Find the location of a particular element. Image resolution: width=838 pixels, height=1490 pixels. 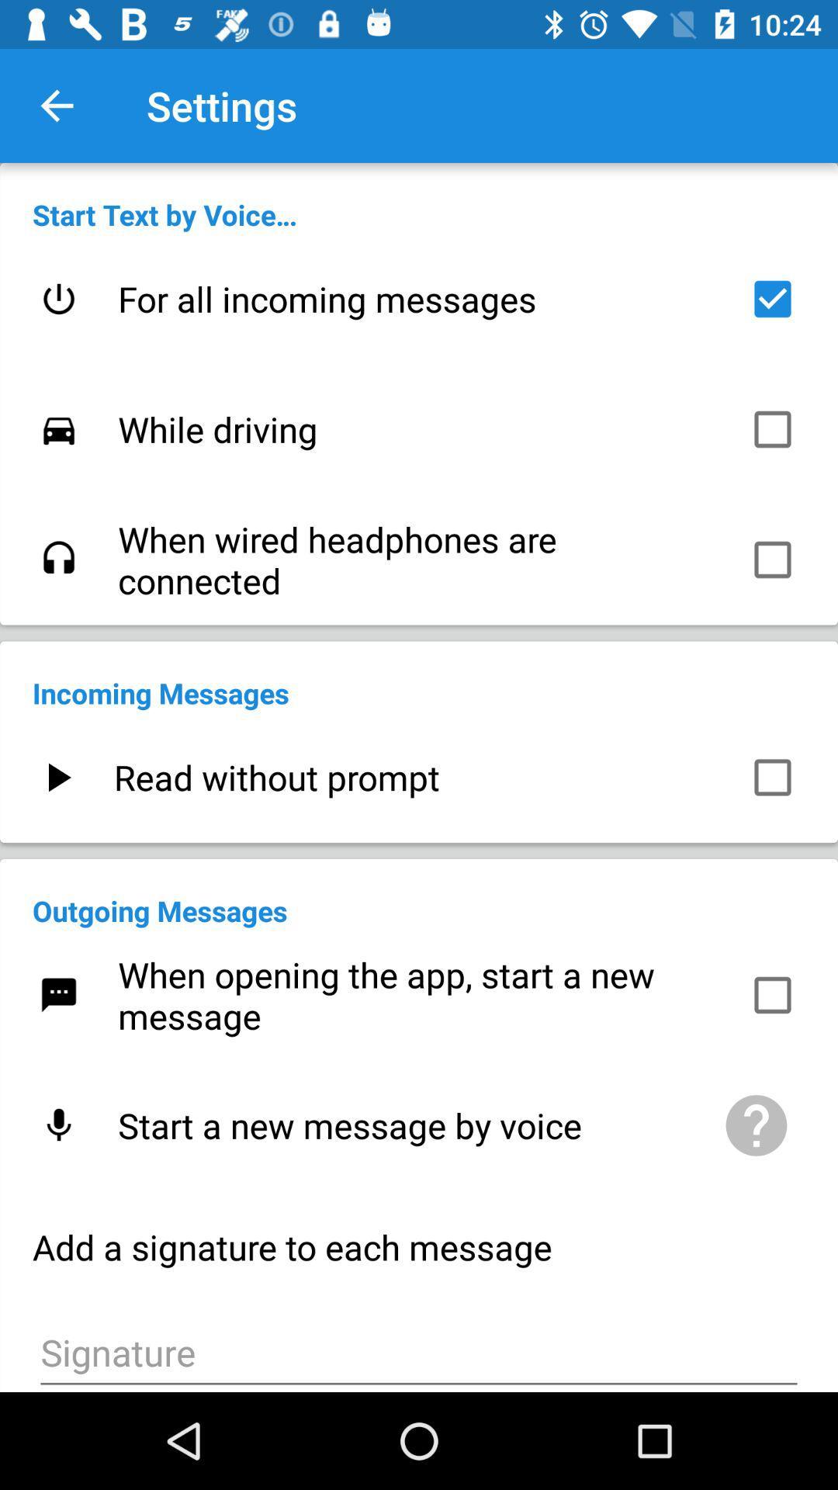

item next to start a new icon is located at coordinates (756, 1125).